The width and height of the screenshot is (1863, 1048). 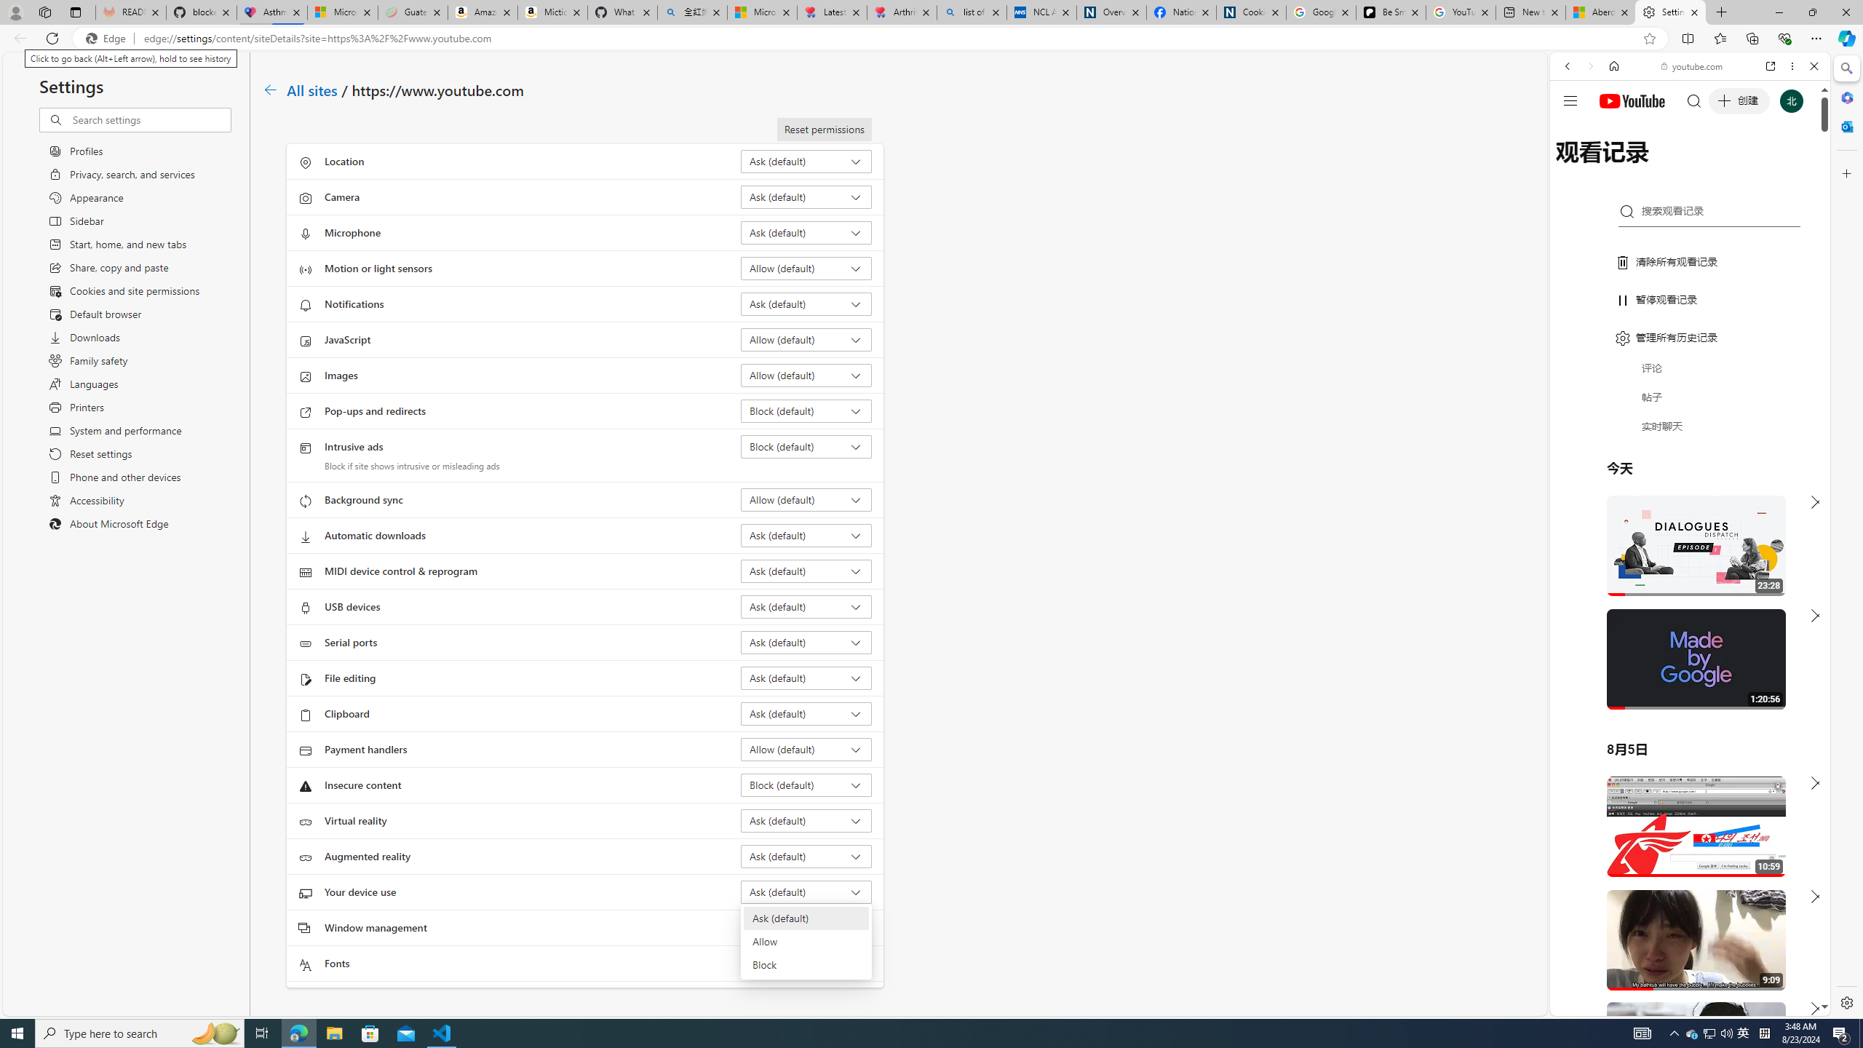 What do you see at coordinates (806, 641) in the screenshot?
I see `'Serial ports Ask (default)'` at bounding box center [806, 641].